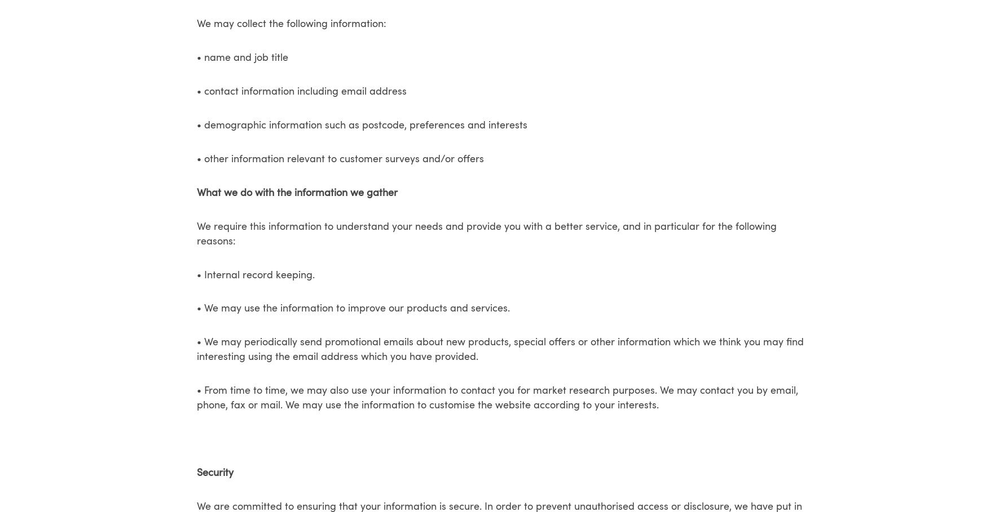 The image size is (1004, 512). What do you see at coordinates (356, 309) in the screenshot?
I see `'We may use the information to improve our products and services.'` at bounding box center [356, 309].